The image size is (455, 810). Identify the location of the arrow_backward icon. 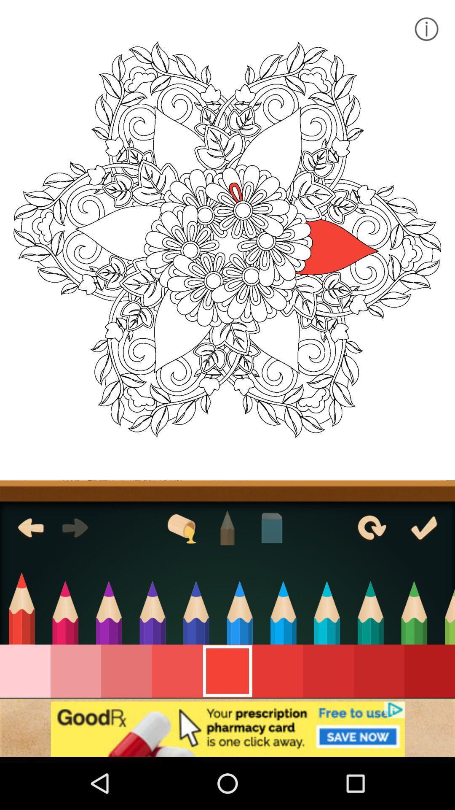
(30, 527).